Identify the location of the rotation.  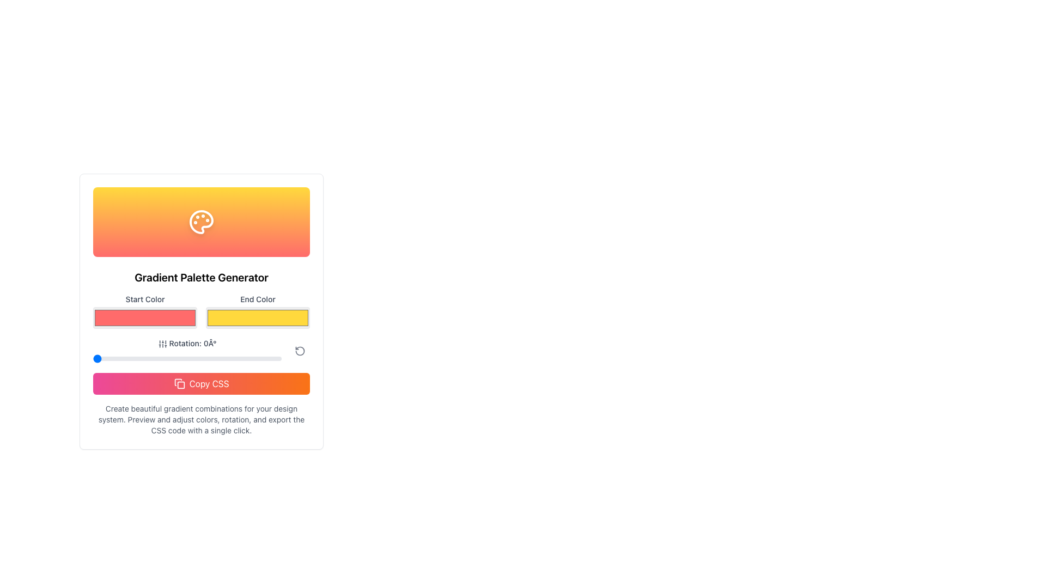
(178, 359).